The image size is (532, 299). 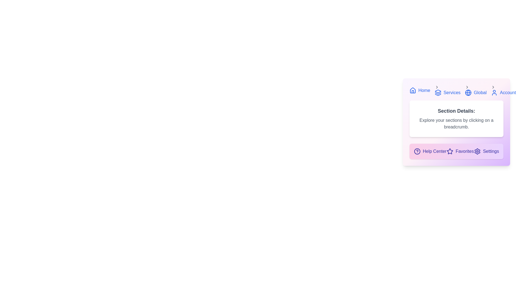 I want to click on text element displaying 'Explore your sections by clicking on a breadcrumb.' which is located directly beneath 'Section Details:' within a white, rounded box, so click(x=456, y=123).